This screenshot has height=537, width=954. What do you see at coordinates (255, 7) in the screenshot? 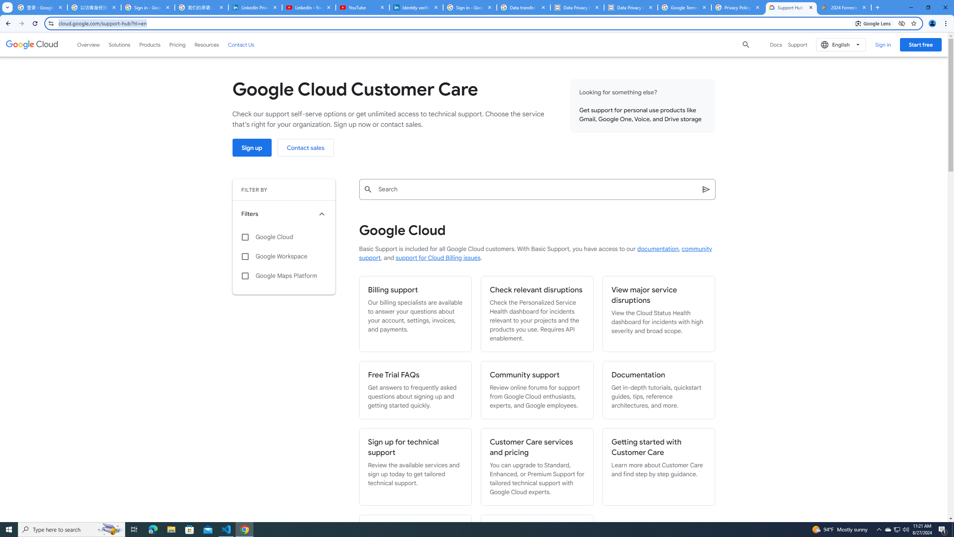
I see `'LinkedIn Privacy Policy'` at bounding box center [255, 7].